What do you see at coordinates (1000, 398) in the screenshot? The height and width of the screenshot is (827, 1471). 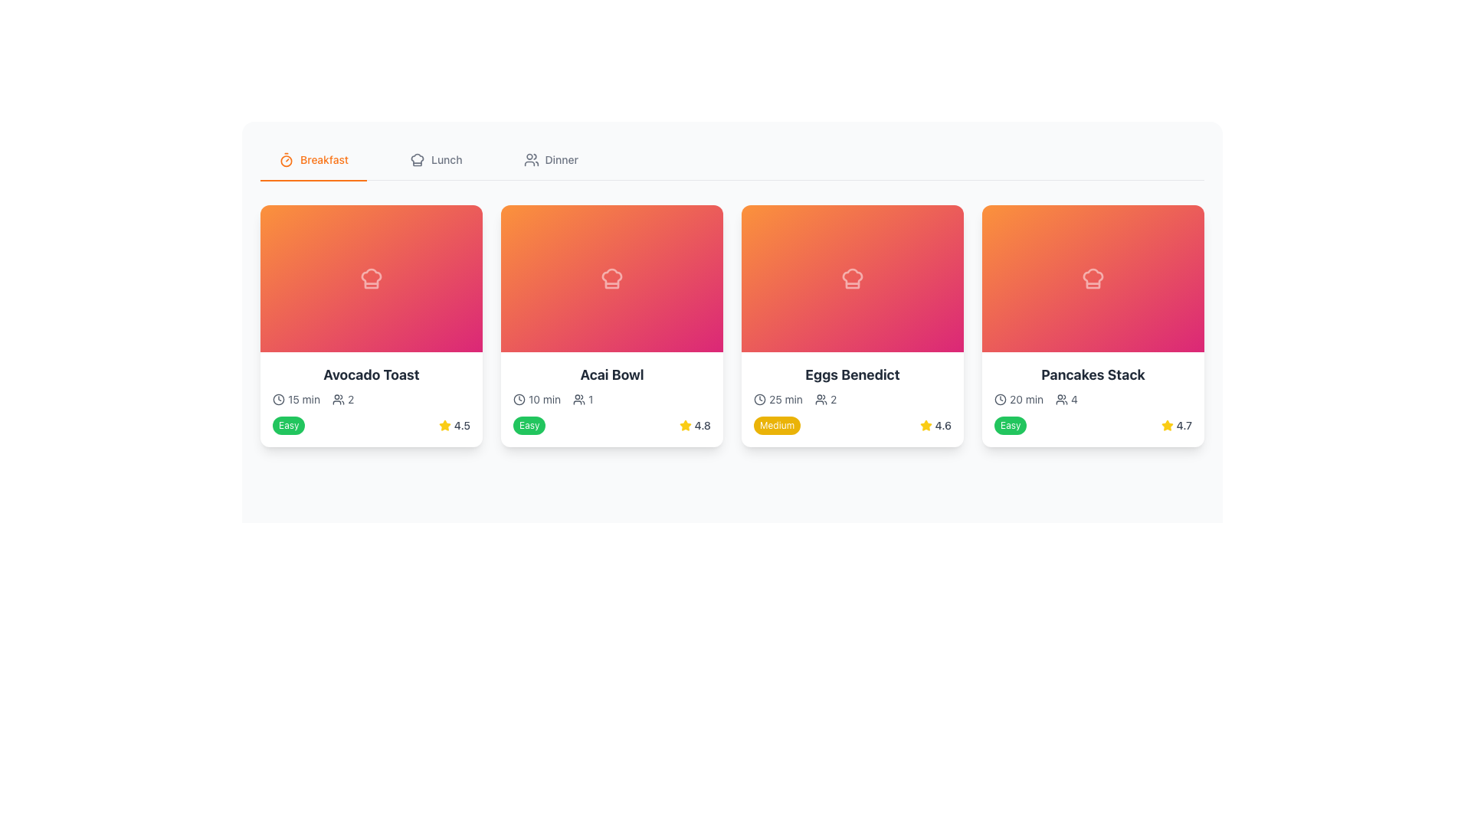 I see `the static representation of the clock icon located at the top of the 'Pancakes Stack' recipe card, just before the '20 min' text` at bounding box center [1000, 398].